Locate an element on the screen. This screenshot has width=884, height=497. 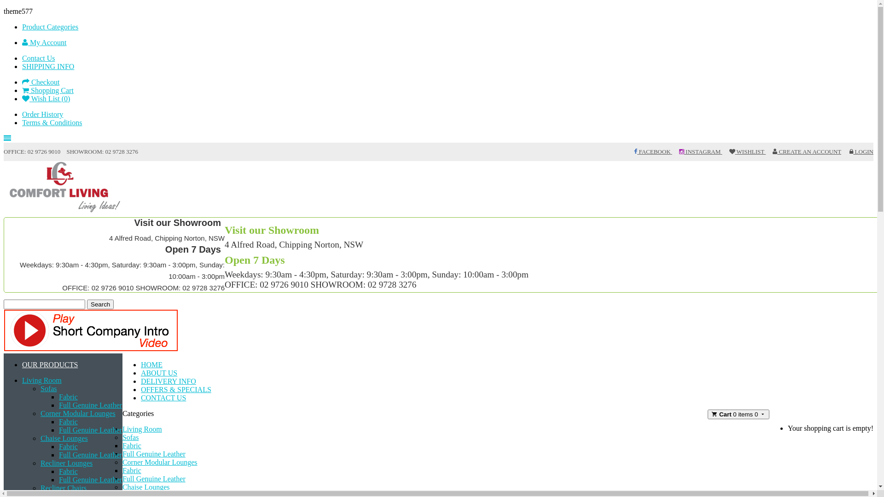
'Cart 0 items 0' is located at coordinates (707, 414).